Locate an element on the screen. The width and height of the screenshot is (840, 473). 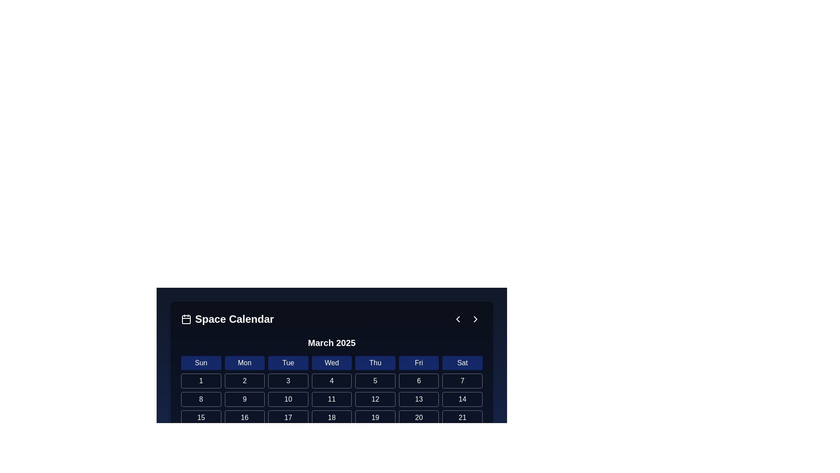
the Label displaying 'Thu', which is the fifth item in the first row of a blue-themed grid in the calendar interface is located at coordinates (375, 363).